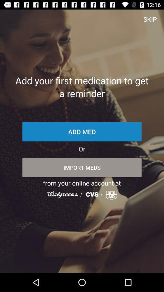 The image size is (164, 292). Describe the element at coordinates (82, 132) in the screenshot. I see `item below the add your first item` at that location.